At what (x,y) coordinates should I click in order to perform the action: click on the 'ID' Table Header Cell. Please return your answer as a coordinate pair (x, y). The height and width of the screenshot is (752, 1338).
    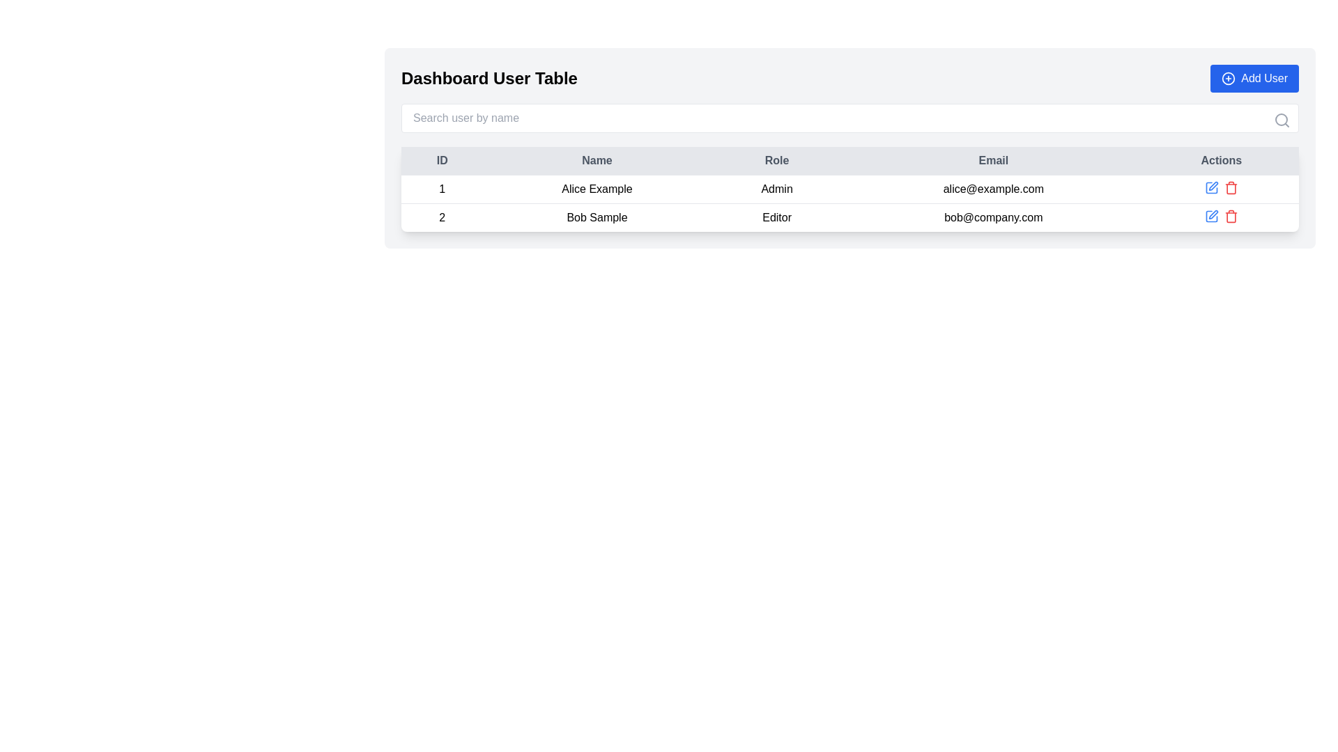
    Looking at the image, I should click on (441, 160).